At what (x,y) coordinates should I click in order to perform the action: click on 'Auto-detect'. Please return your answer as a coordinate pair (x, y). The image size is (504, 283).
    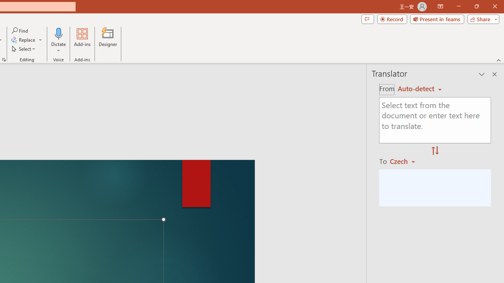
    Looking at the image, I should click on (419, 88).